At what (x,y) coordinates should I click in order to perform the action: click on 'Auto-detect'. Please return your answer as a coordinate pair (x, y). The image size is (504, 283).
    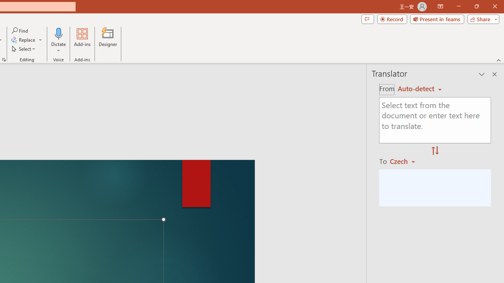
    Looking at the image, I should click on (419, 88).